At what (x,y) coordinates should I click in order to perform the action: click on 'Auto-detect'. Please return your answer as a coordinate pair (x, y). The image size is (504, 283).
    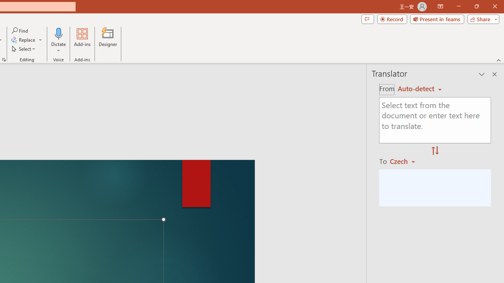
    Looking at the image, I should click on (419, 88).